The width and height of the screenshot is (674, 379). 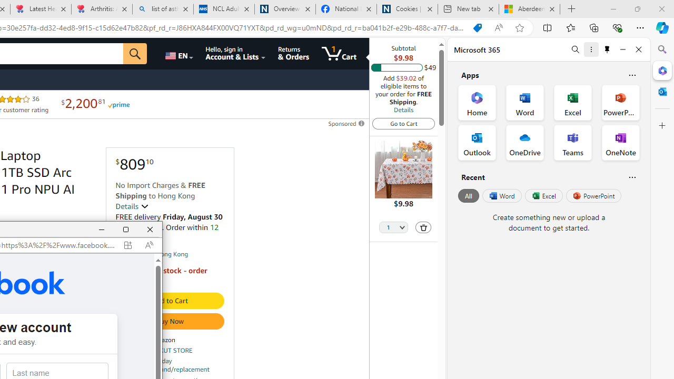 I want to click on 'Excel', so click(x=543, y=196).